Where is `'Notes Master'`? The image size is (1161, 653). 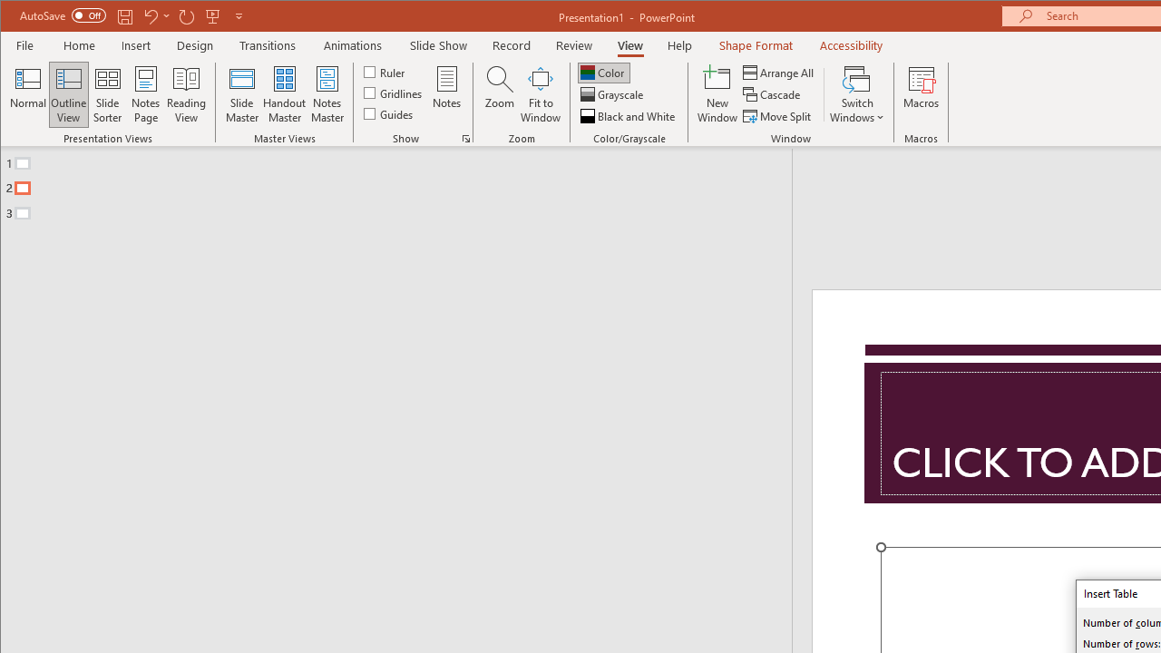
'Notes Master' is located at coordinates (327, 94).